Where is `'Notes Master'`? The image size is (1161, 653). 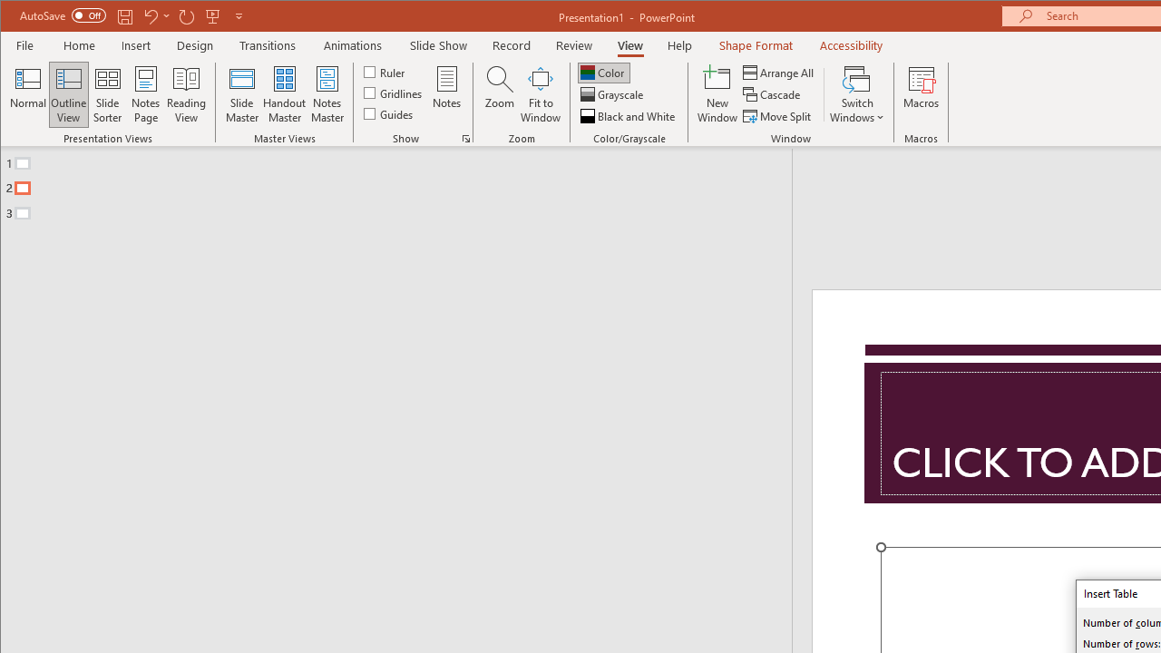
'Notes Master' is located at coordinates (327, 94).